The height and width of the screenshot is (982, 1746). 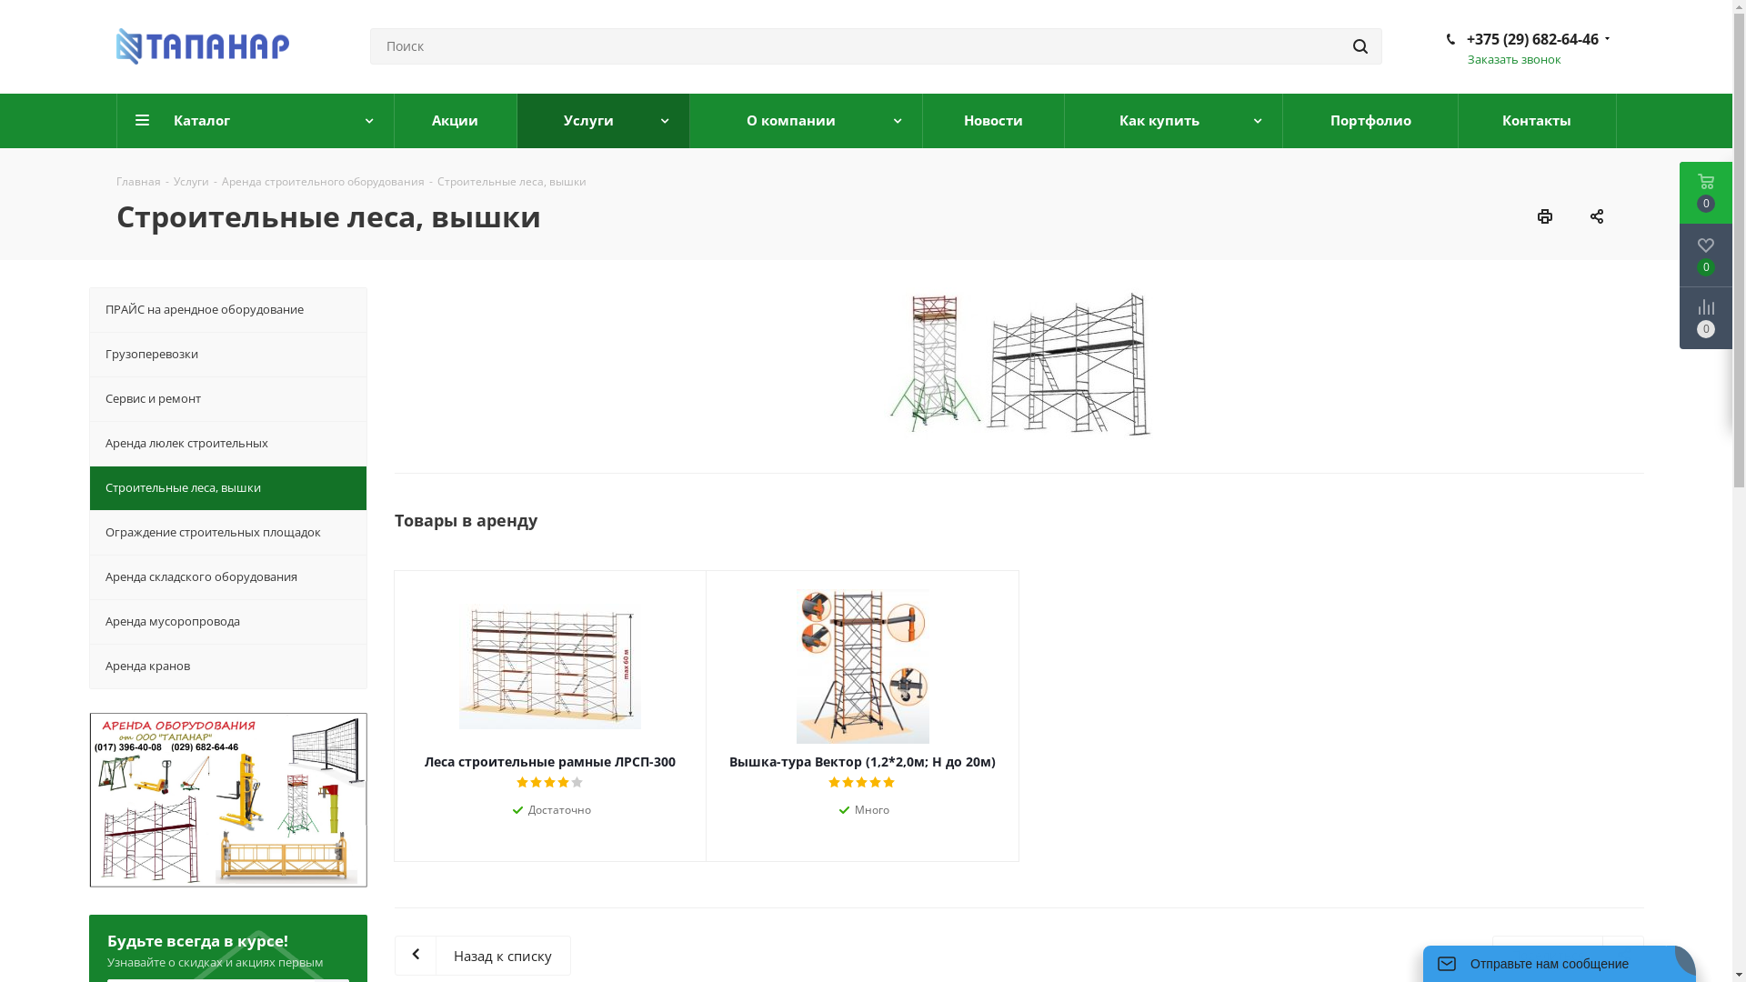 What do you see at coordinates (868, 781) in the screenshot?
I see `'4'` at bounding box center [868, 781].